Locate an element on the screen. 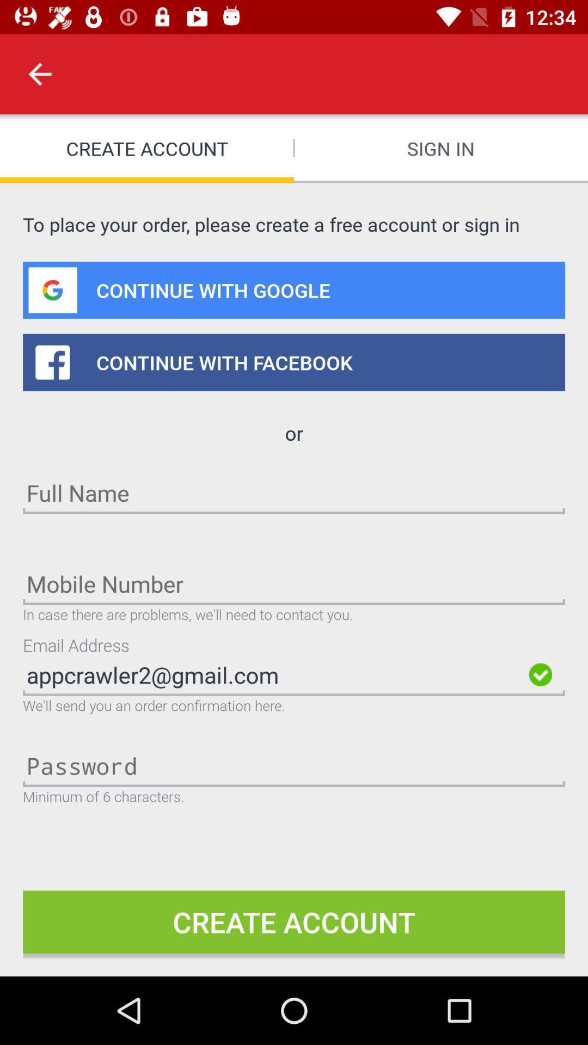 Image resolution: width=588 pixels, height=1045 pixels. password in this field is located at coordinates (294, 765).